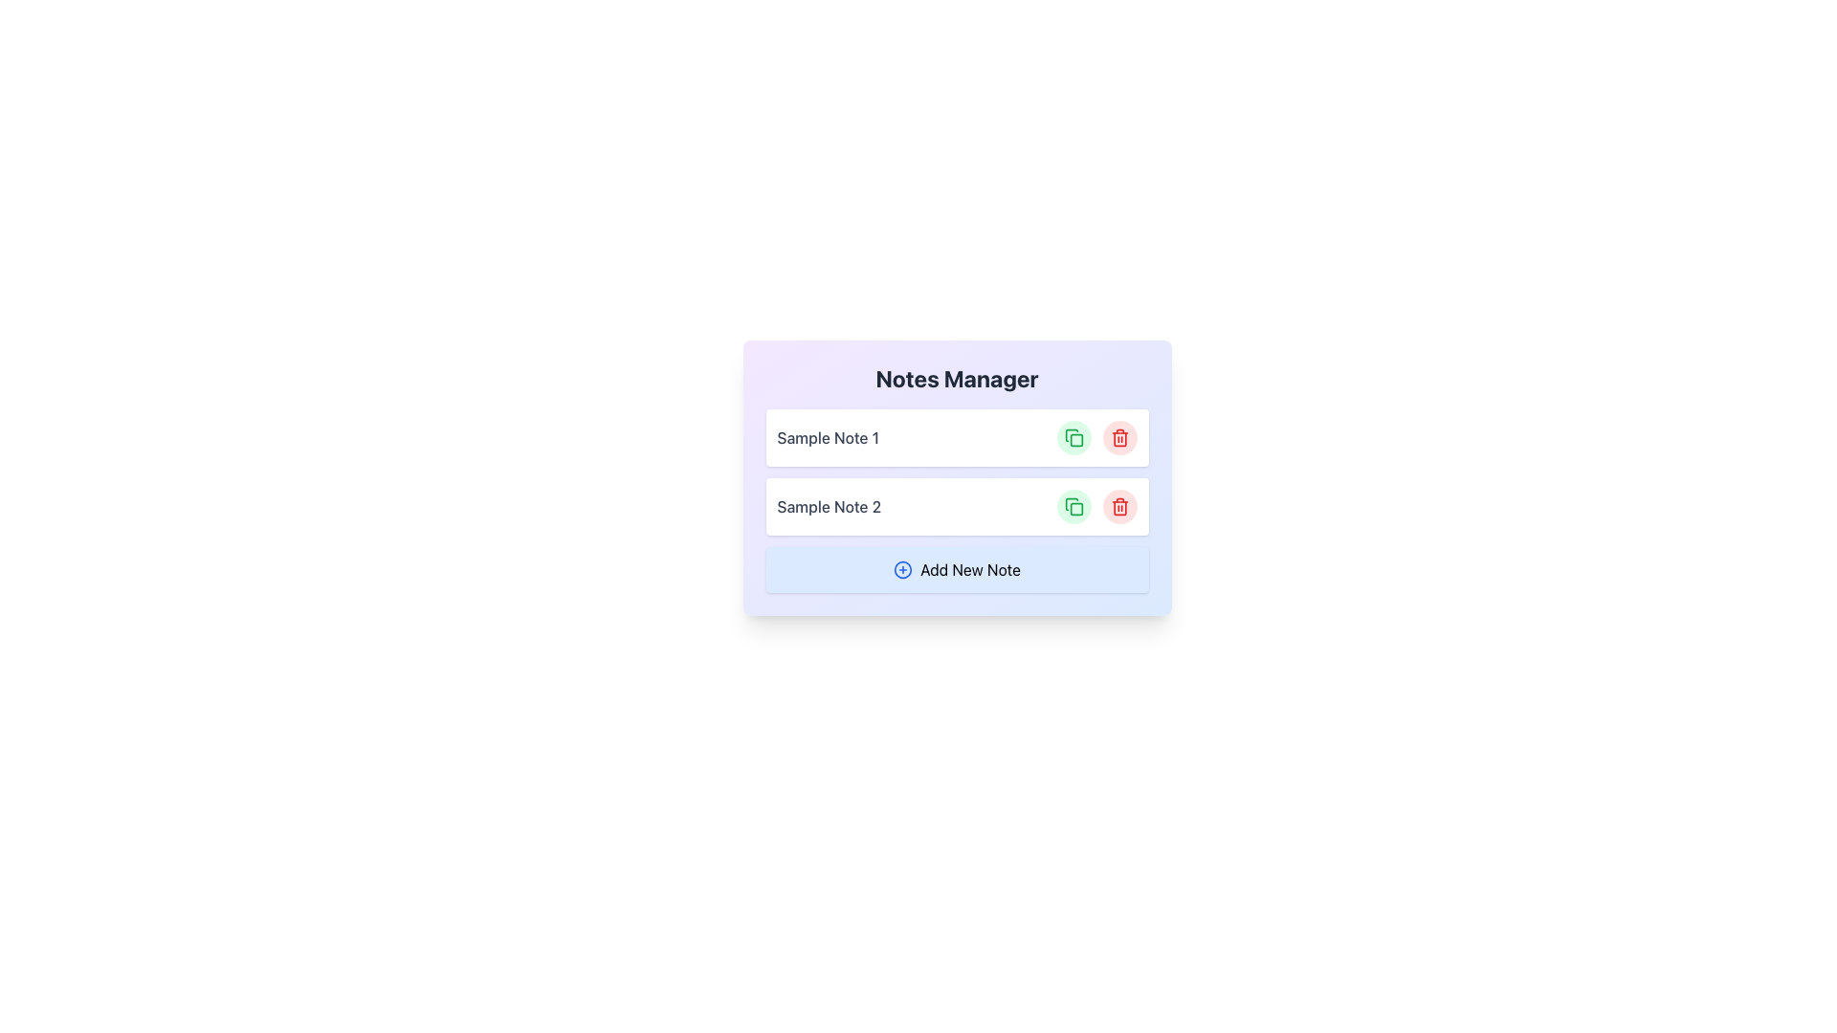 The height and width of the screenshot is (1033, 1837). I want to click on the green button that resembles two overlapping squares, located in the upper-right corner of the list item labeled 'Sample Note 1', so click(1096, 438).